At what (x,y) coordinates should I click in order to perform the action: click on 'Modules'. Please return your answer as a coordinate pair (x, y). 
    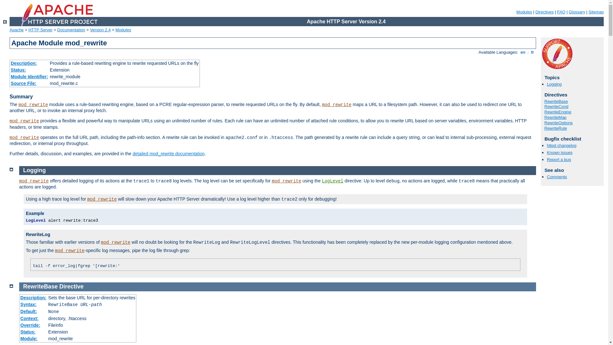
    Looking at the image, I should click on (524, 12).